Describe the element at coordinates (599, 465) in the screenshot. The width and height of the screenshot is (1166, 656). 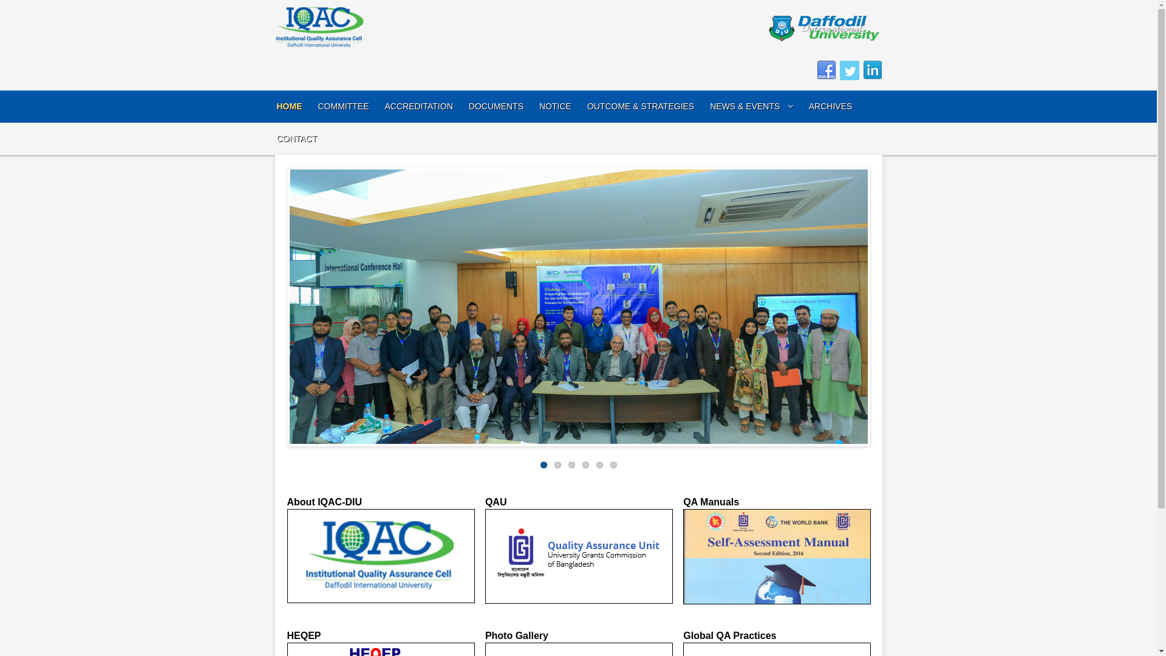
I see `'5'` at that location.